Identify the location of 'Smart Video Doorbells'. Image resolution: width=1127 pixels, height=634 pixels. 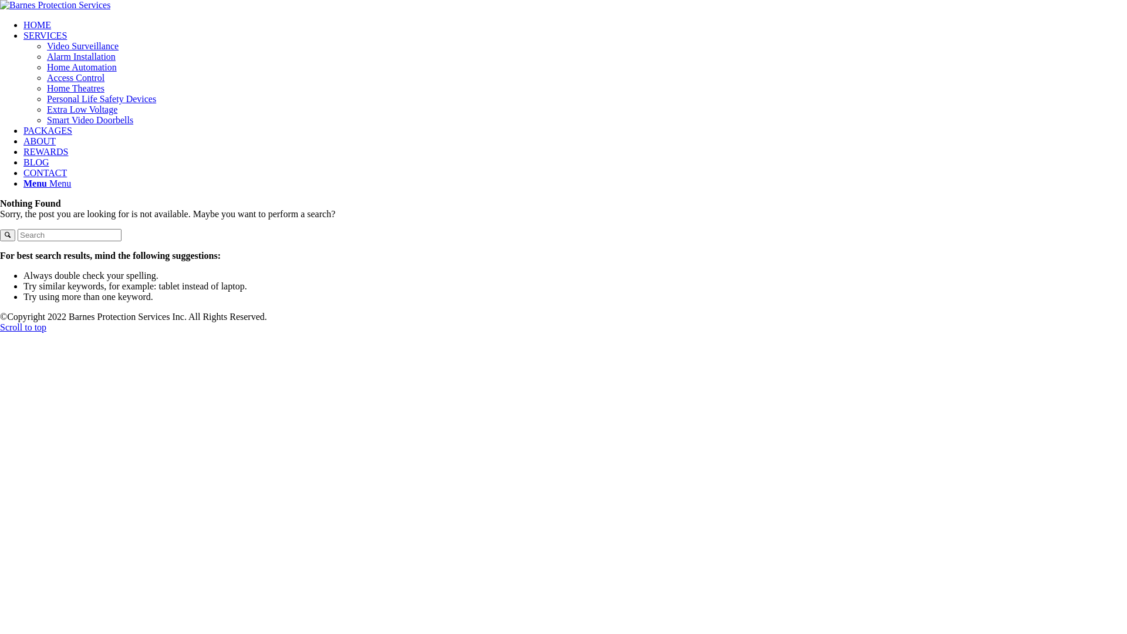
(89, 120).